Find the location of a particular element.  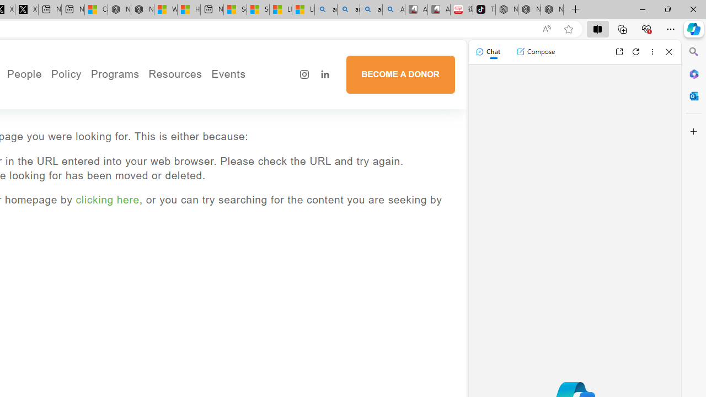

'Restore' is located at coordinates (667, 9).